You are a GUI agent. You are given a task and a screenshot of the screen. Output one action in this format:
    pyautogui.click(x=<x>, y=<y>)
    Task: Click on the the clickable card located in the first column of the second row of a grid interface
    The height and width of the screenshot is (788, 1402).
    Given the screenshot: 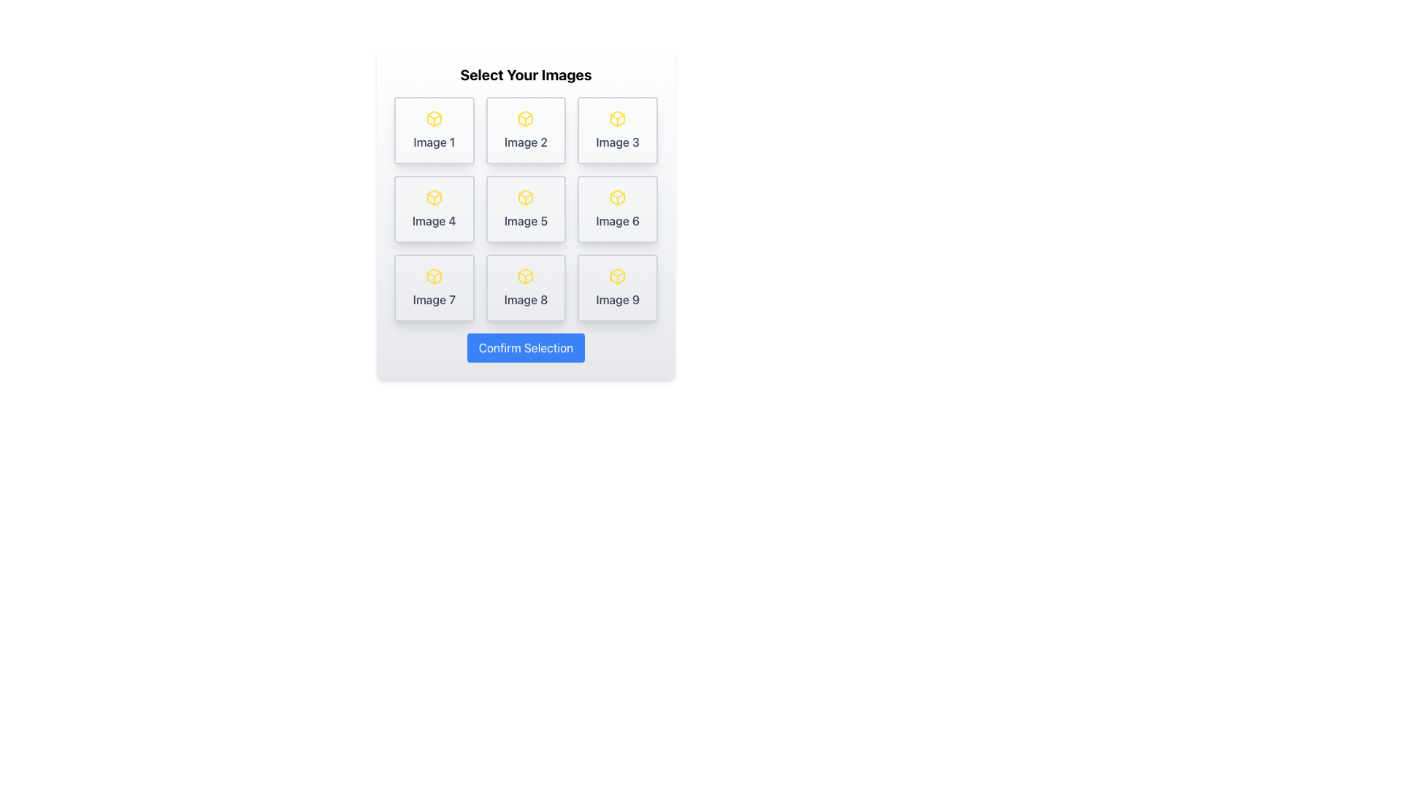 What is the action you would take?
    pyautogui.click(x=433, y=209)
    